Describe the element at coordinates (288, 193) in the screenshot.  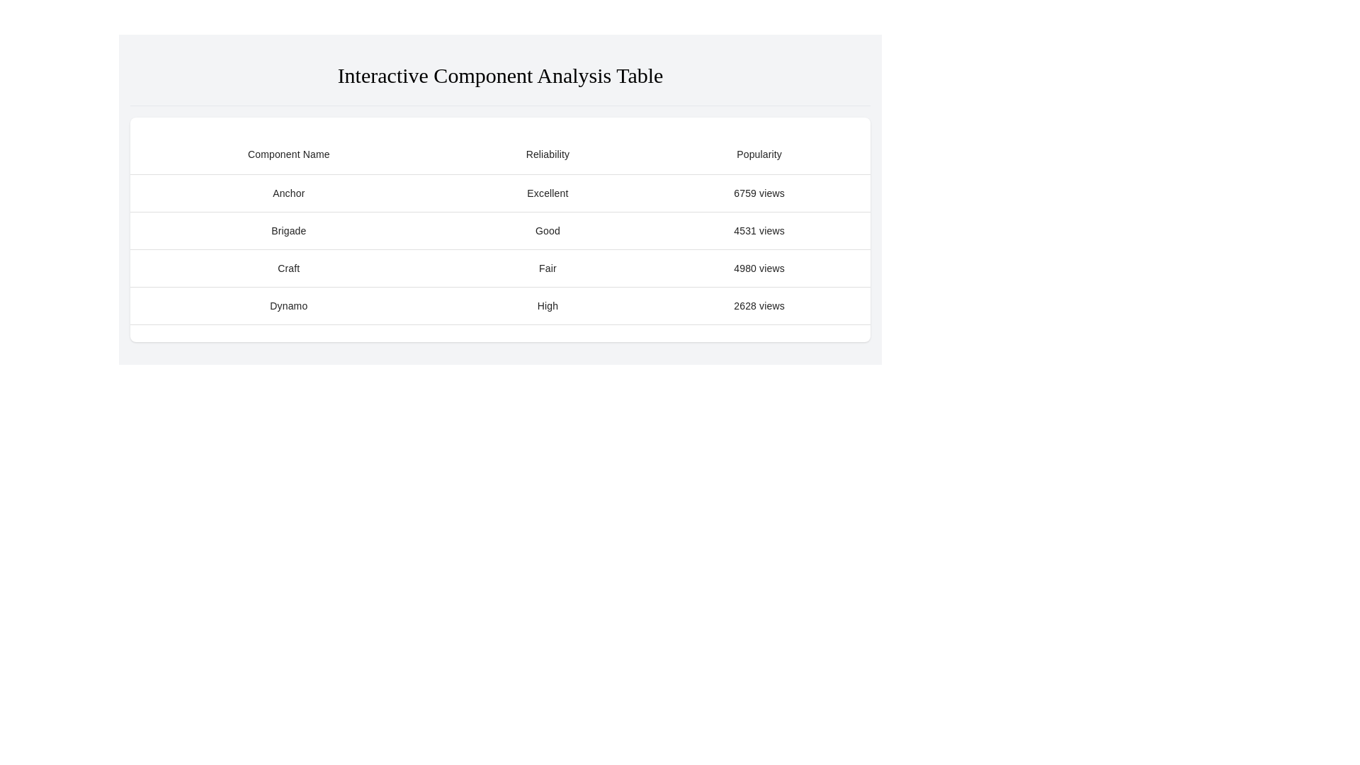
I see `the first table cell displaying the text 'AnchorExcellent6759 views' in the top row of the table` at that location.